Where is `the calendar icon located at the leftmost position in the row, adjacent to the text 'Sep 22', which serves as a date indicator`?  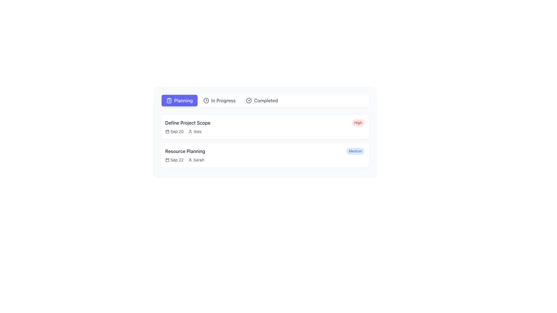 the calendar icon located at the leftmost position in the row, adjacent to the text 'Sep 22', which serves as a date indicator is located at coordinates (167, 160).